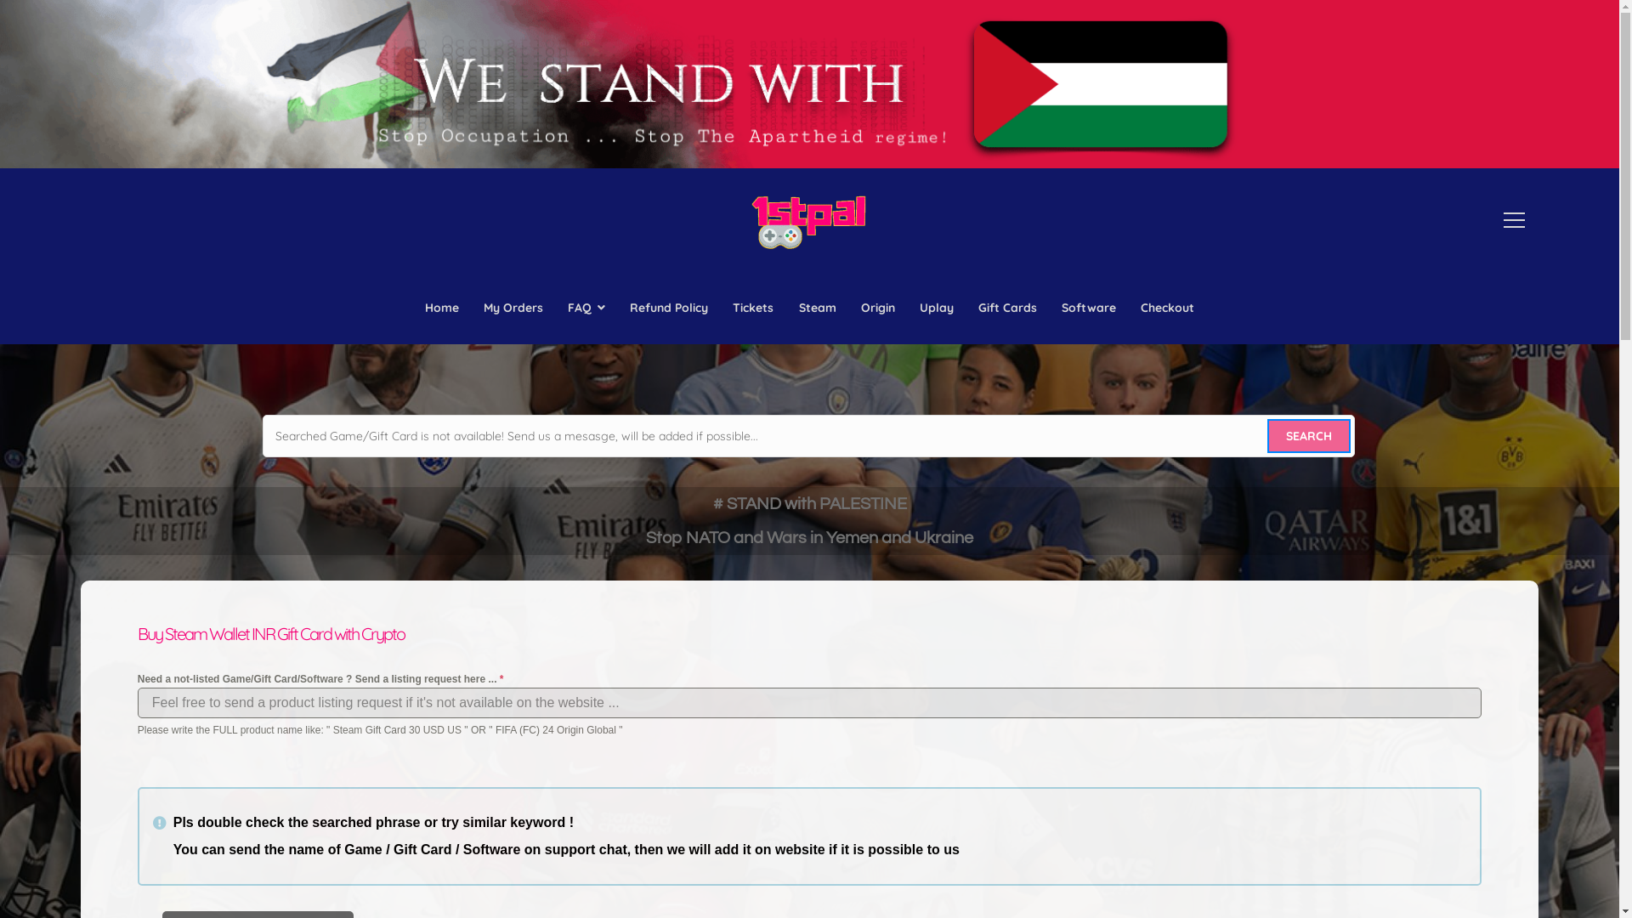  I want to click on 'Home', so click(441, 308).